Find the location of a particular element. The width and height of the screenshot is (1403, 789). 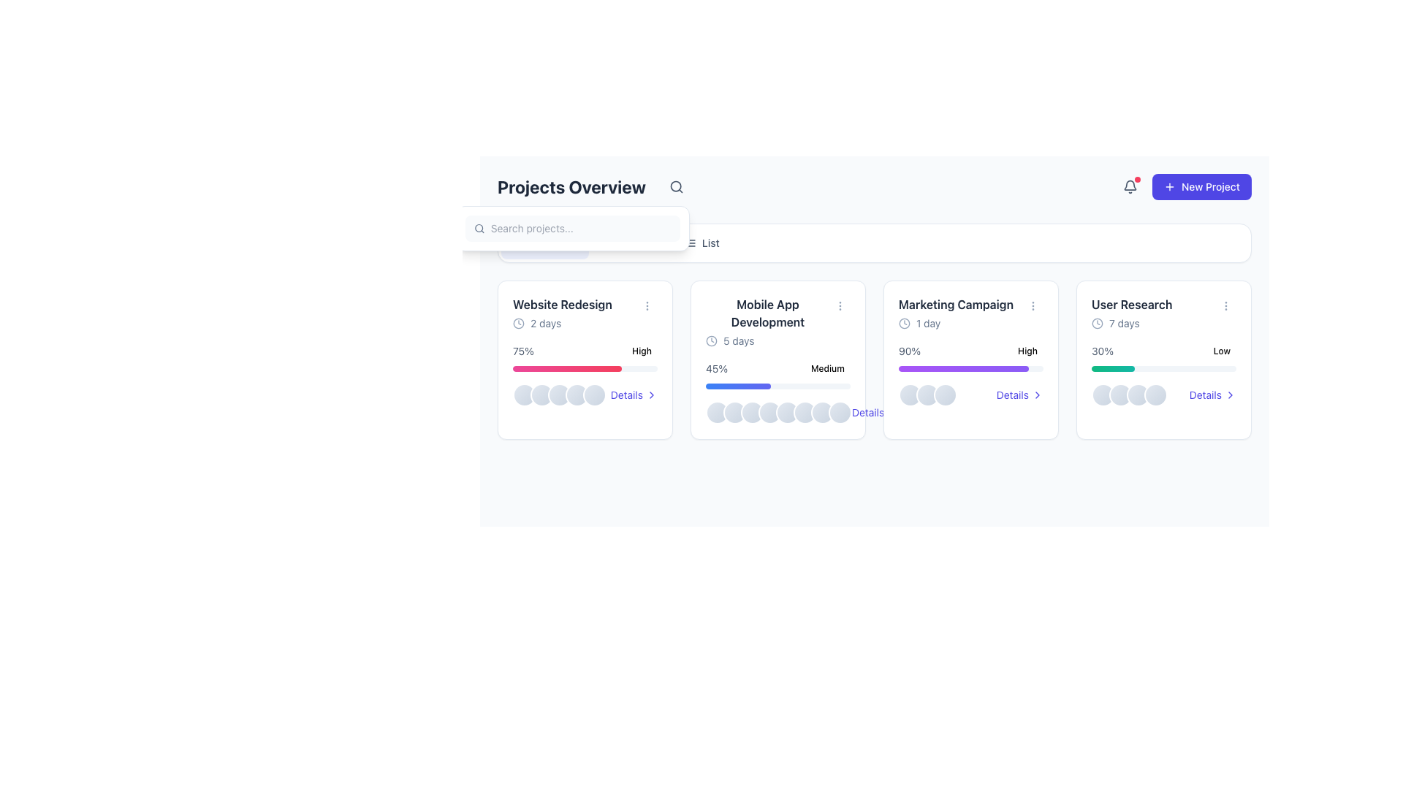

the 'Details' hyperlink with the rightward-pointing chevron icon located at the bottom-right corner of the second card is located at coordinates (875, 412).